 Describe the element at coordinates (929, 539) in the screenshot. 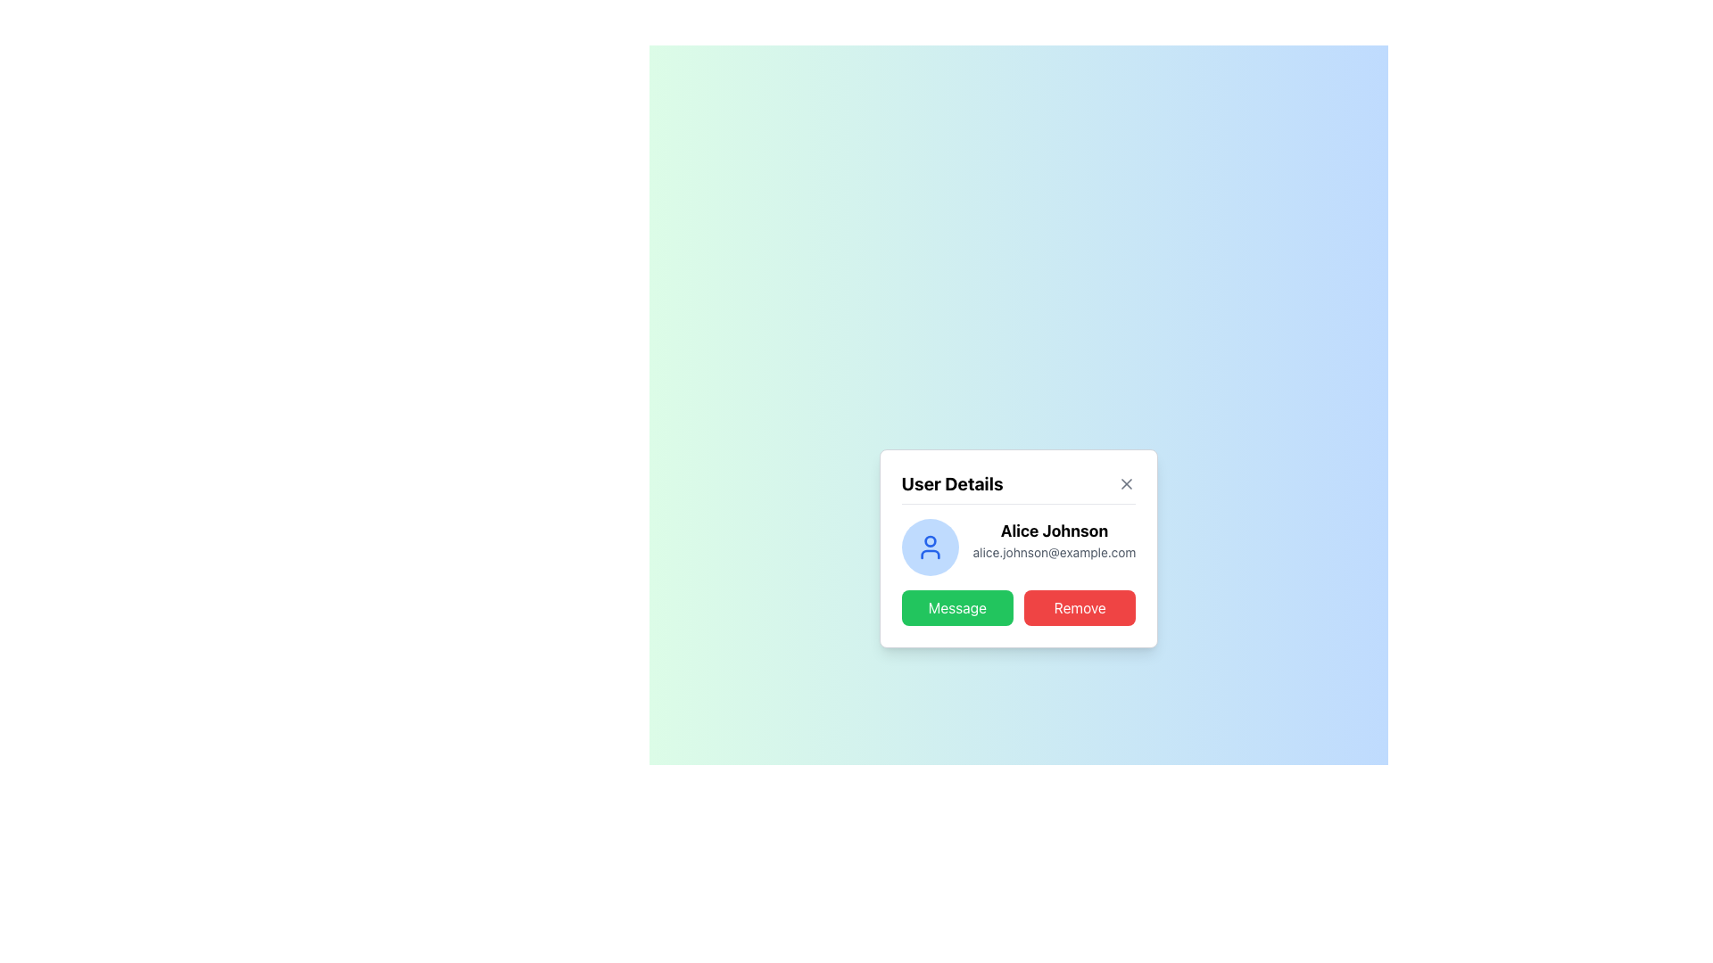

I see `the inner circular component of the user profile icon located in the 'User Details' modal, which is above the text 'Alice Johnson'` at that location.